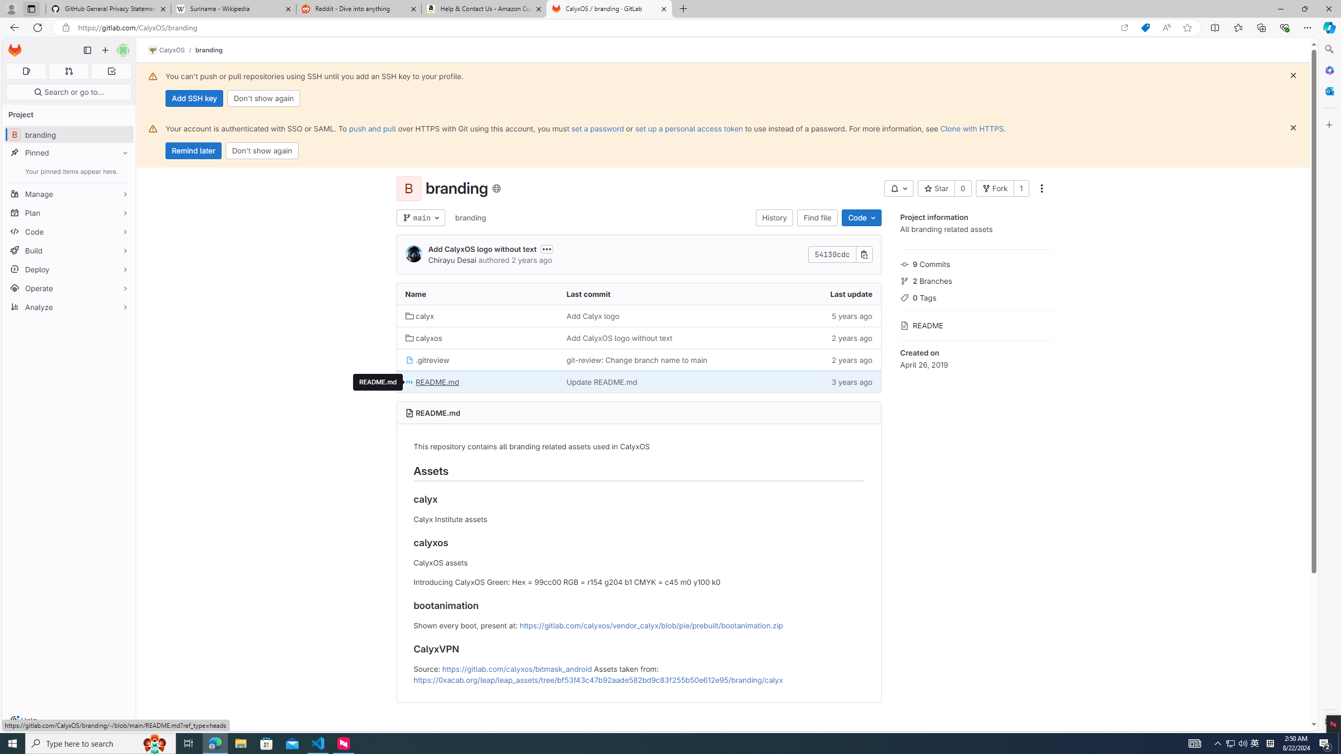 The width and height of the screenshot is (1341, 754). What do you see at coordinates (108, 8) in the screenshot?
I see `'GitHub General Privacy Statement - GitHub Docs'` at bounding box center [108, 8].